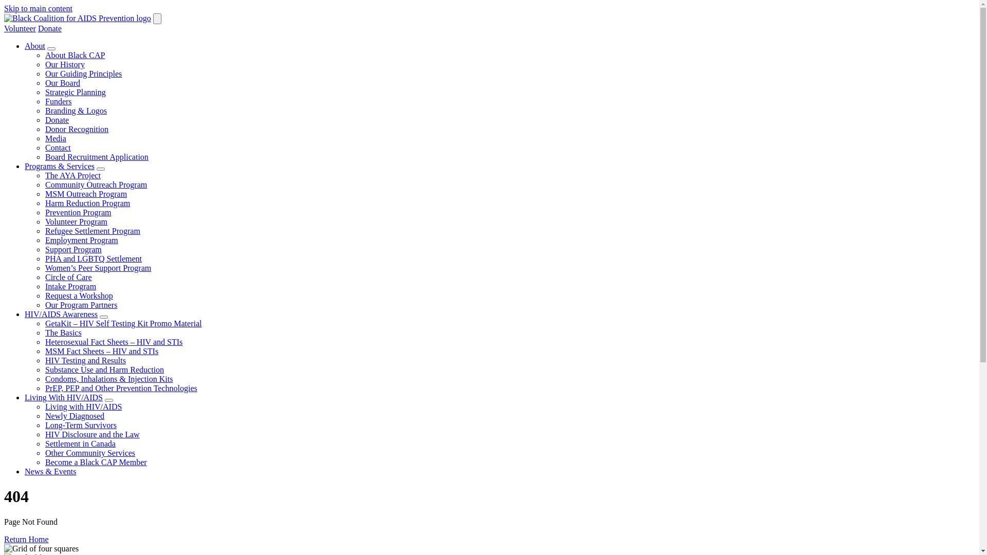 The height and width of the screenshot is (555, 987). I want to click on 'About', so click(25, 45).